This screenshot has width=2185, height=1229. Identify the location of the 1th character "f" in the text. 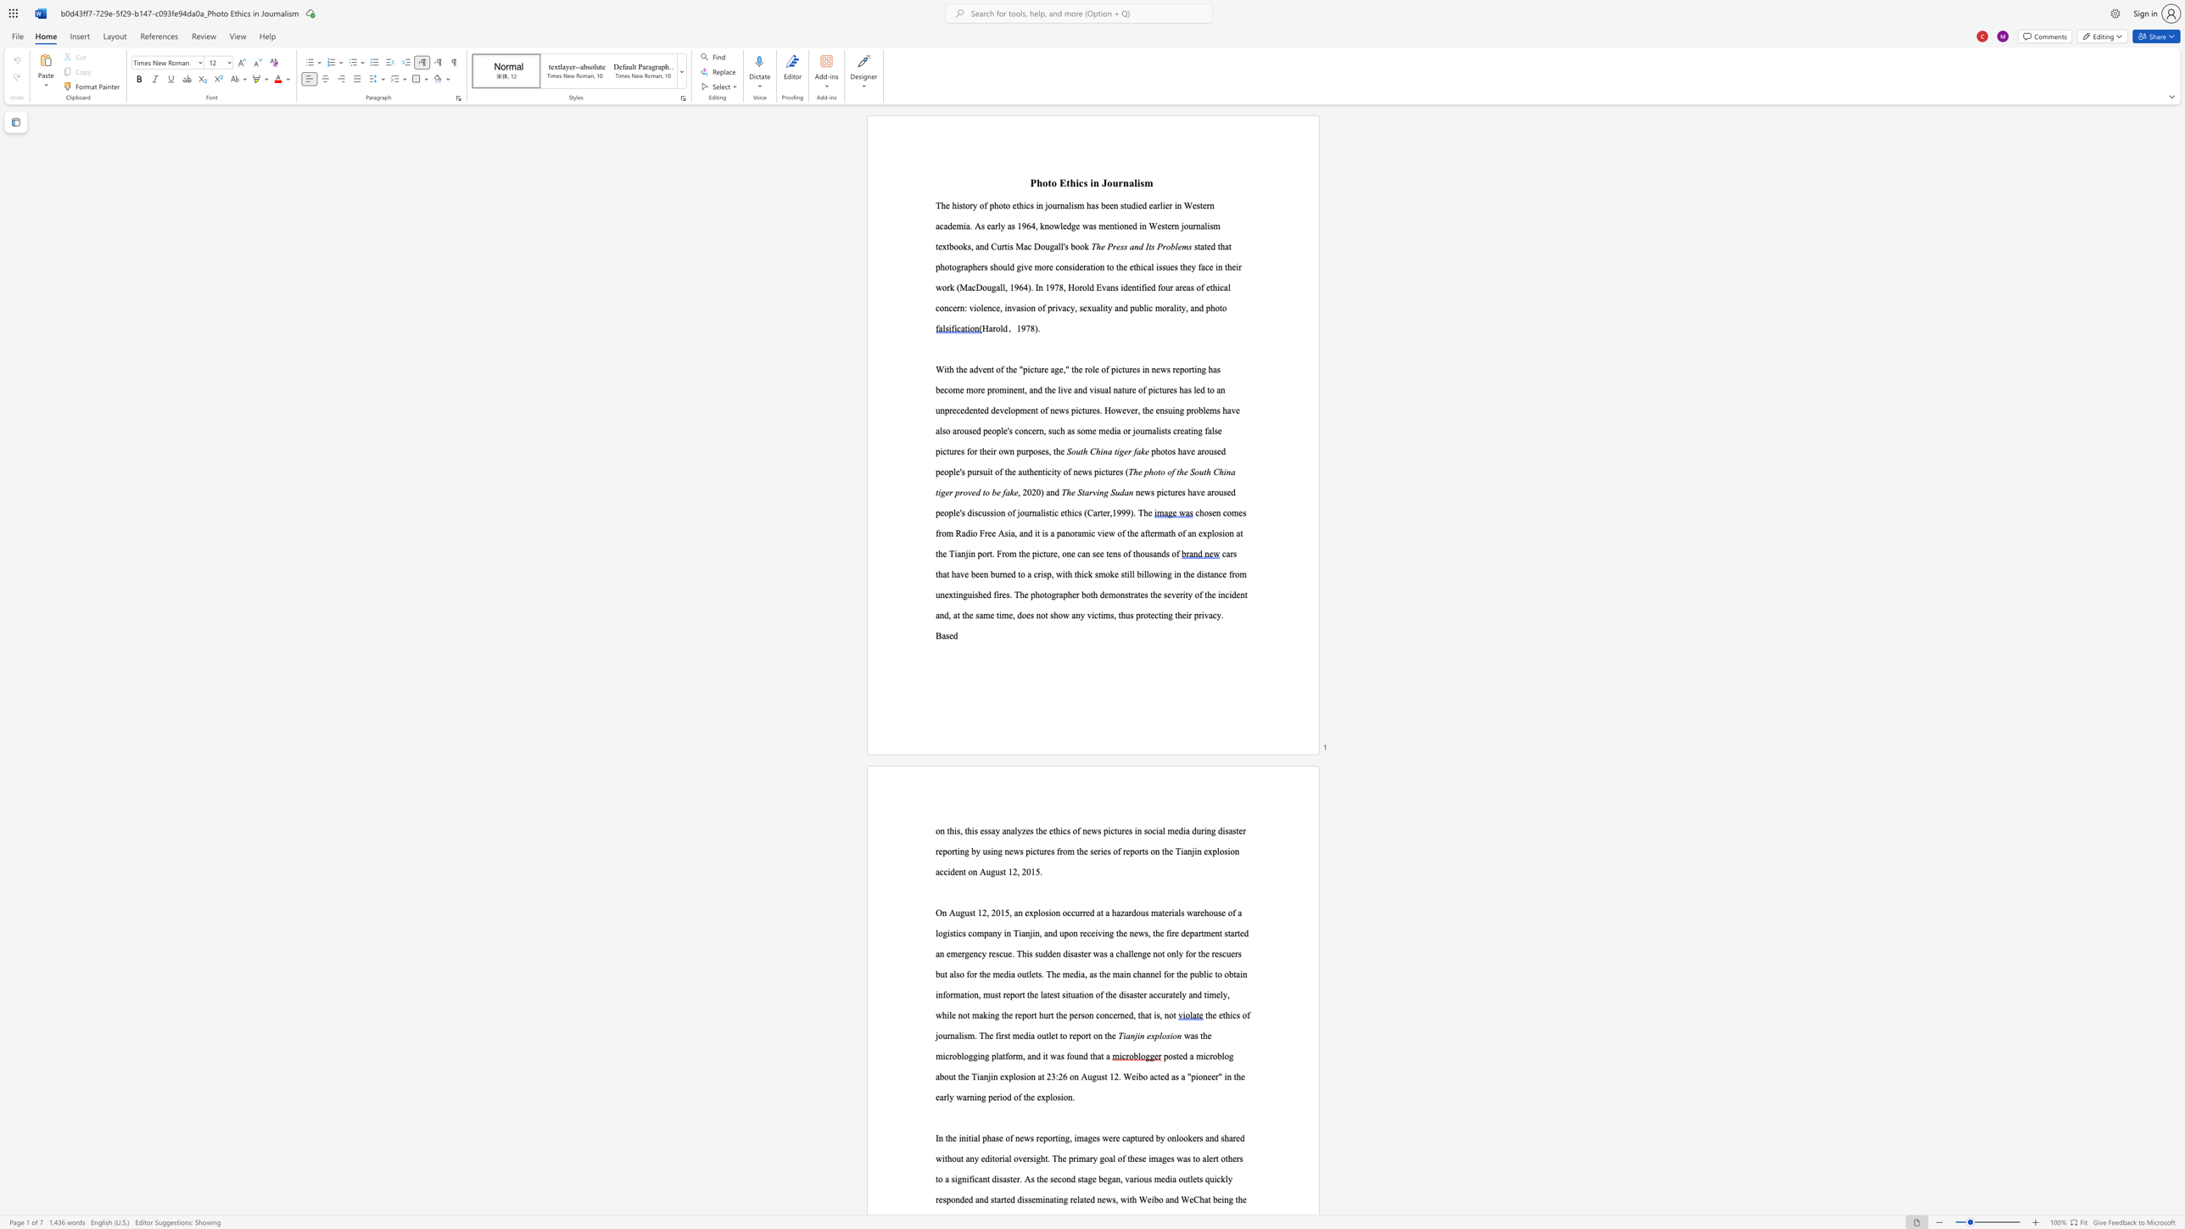
(1142, 286).